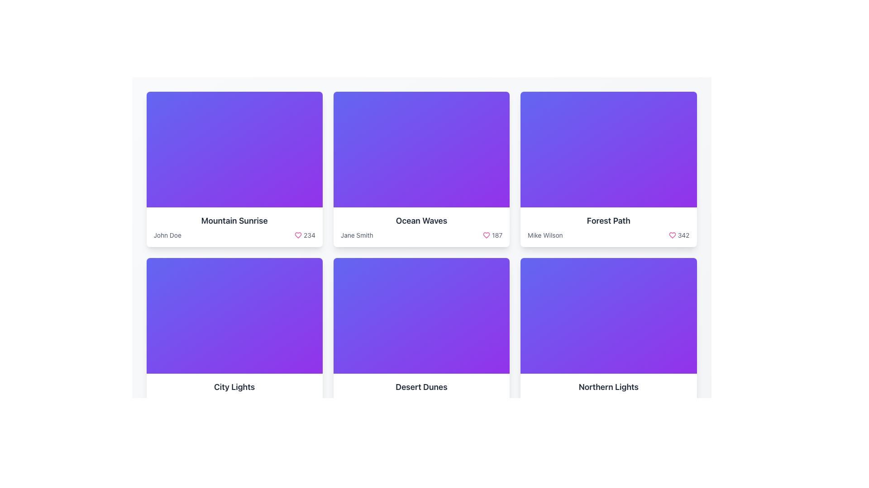 The height and width of the screenshot is (488, 869). What do you see at coordinates (305, 235) in the screenshot?
I see `the Like counter element located at the bottom-right corner of the 'Mountain Sunrise' card, which displays the number of likes (234)` at bounding box center [305, 235].